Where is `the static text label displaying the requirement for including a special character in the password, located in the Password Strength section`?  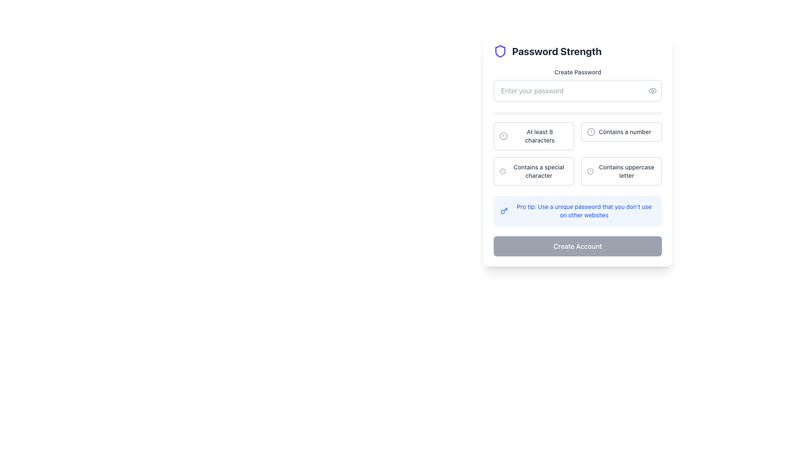
the static text label displaying the requirement for including a special character in the password, located in the Password Strength section is located at coordinates (539, 171).